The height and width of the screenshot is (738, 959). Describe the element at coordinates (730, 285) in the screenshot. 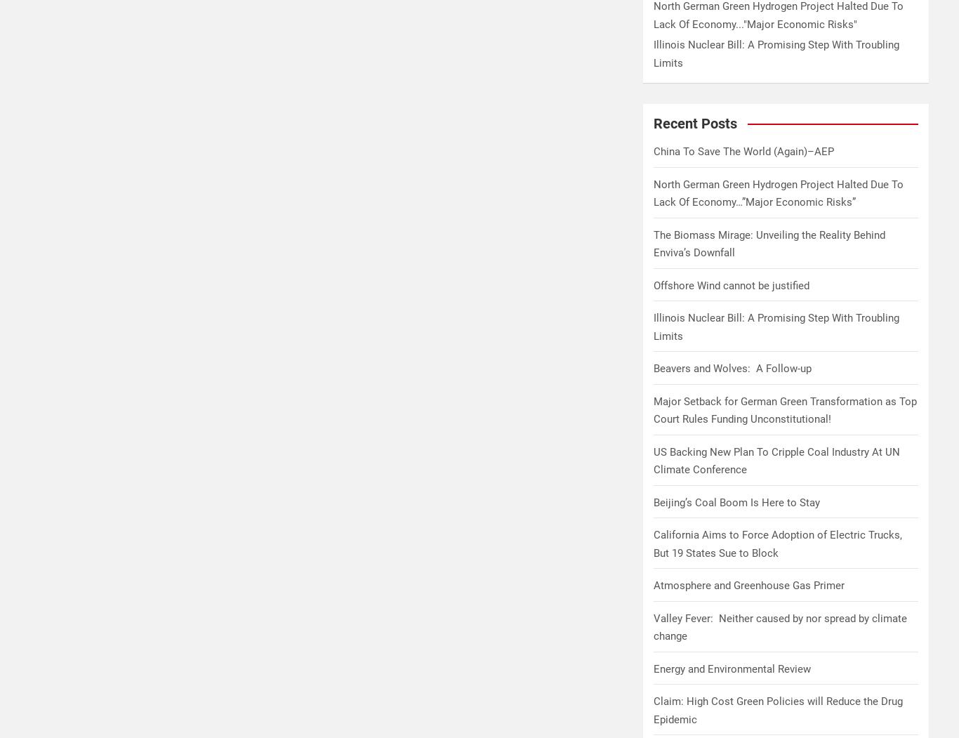

I see `'Offshore Wind cannot be justified'` at that location.